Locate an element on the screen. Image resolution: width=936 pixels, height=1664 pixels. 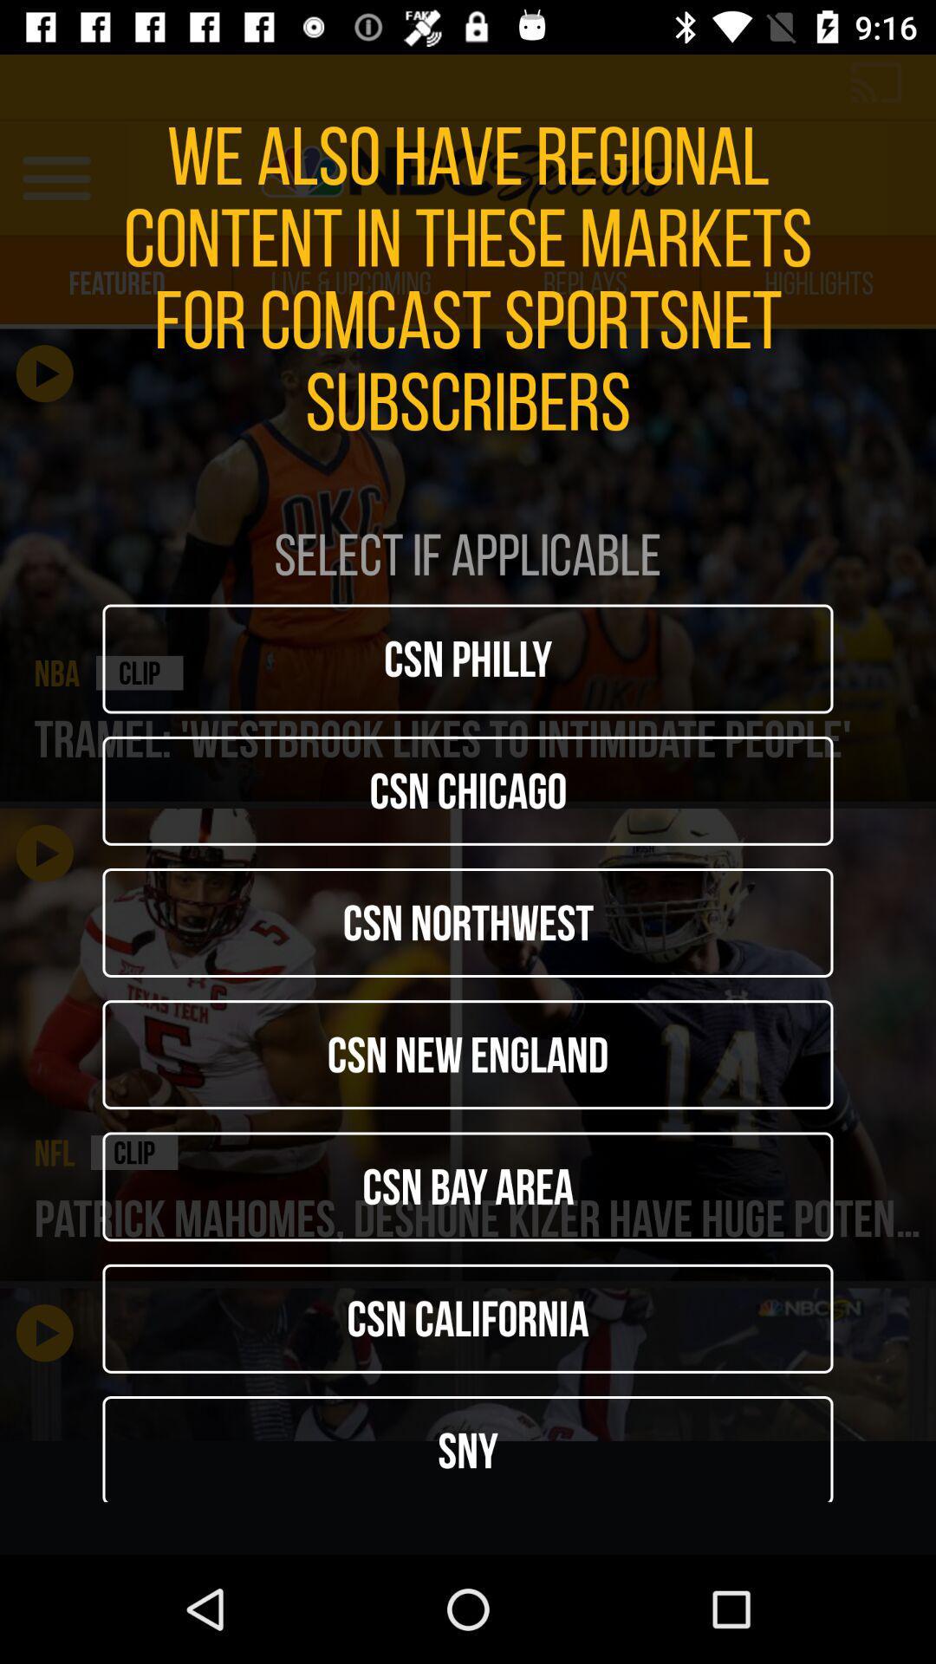
the csn northwest item is located at coordinates (468, 922).